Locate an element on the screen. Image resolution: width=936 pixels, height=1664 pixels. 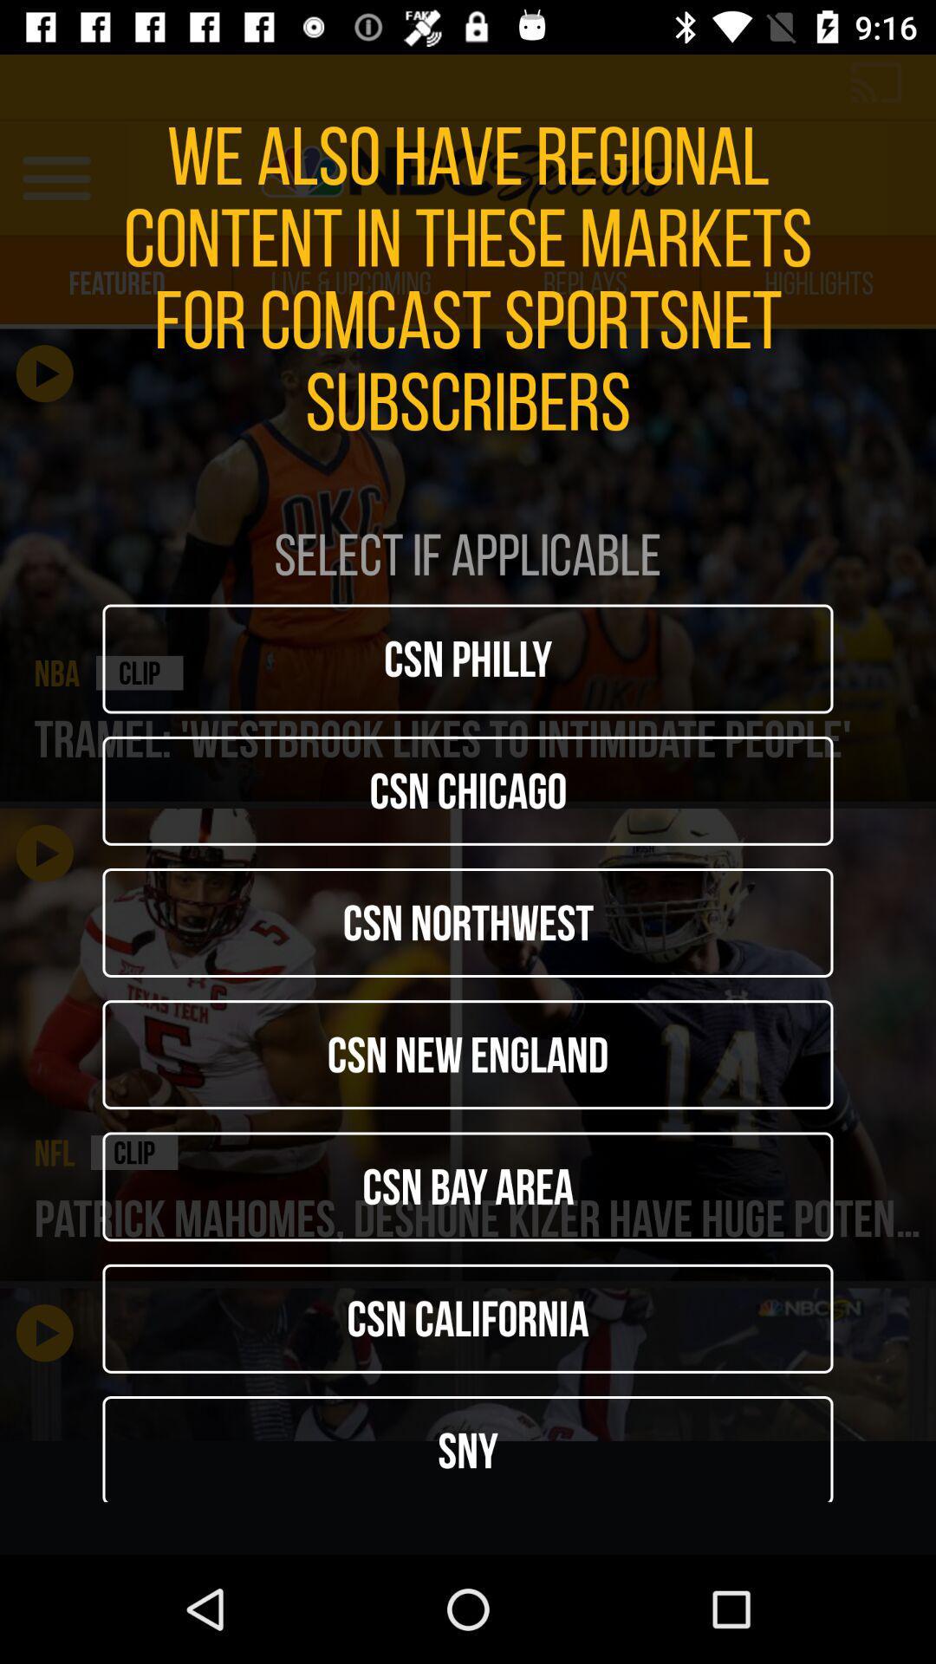
the csn northwest item is located at coordinates (468, 922).